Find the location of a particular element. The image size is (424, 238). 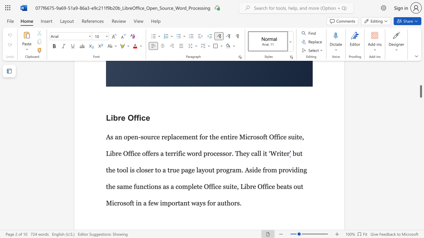

the 3th character "n" in the text is located at coordinates (193, 137).